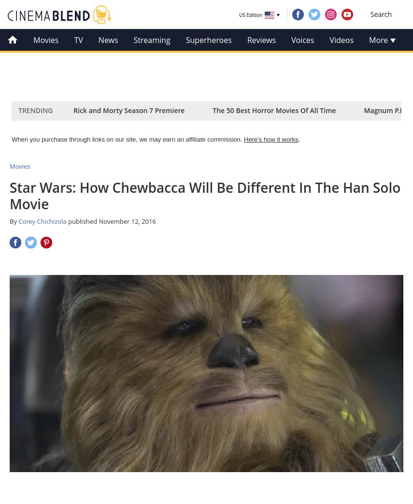 This screenshot has height=504, width=413. I want to click on 'November 12, 2016', so click(126, 220).